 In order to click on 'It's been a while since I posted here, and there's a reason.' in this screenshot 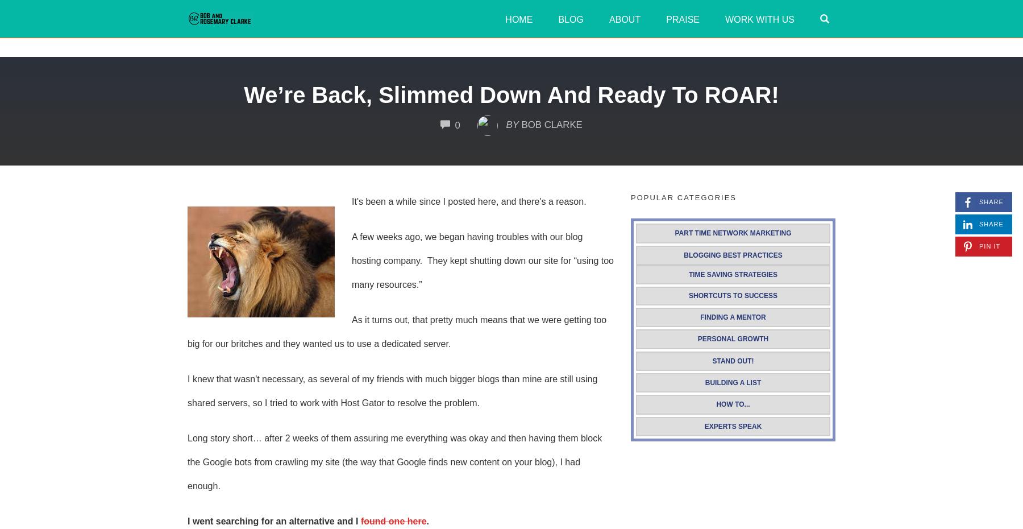, I will do `click(468, 201)`.